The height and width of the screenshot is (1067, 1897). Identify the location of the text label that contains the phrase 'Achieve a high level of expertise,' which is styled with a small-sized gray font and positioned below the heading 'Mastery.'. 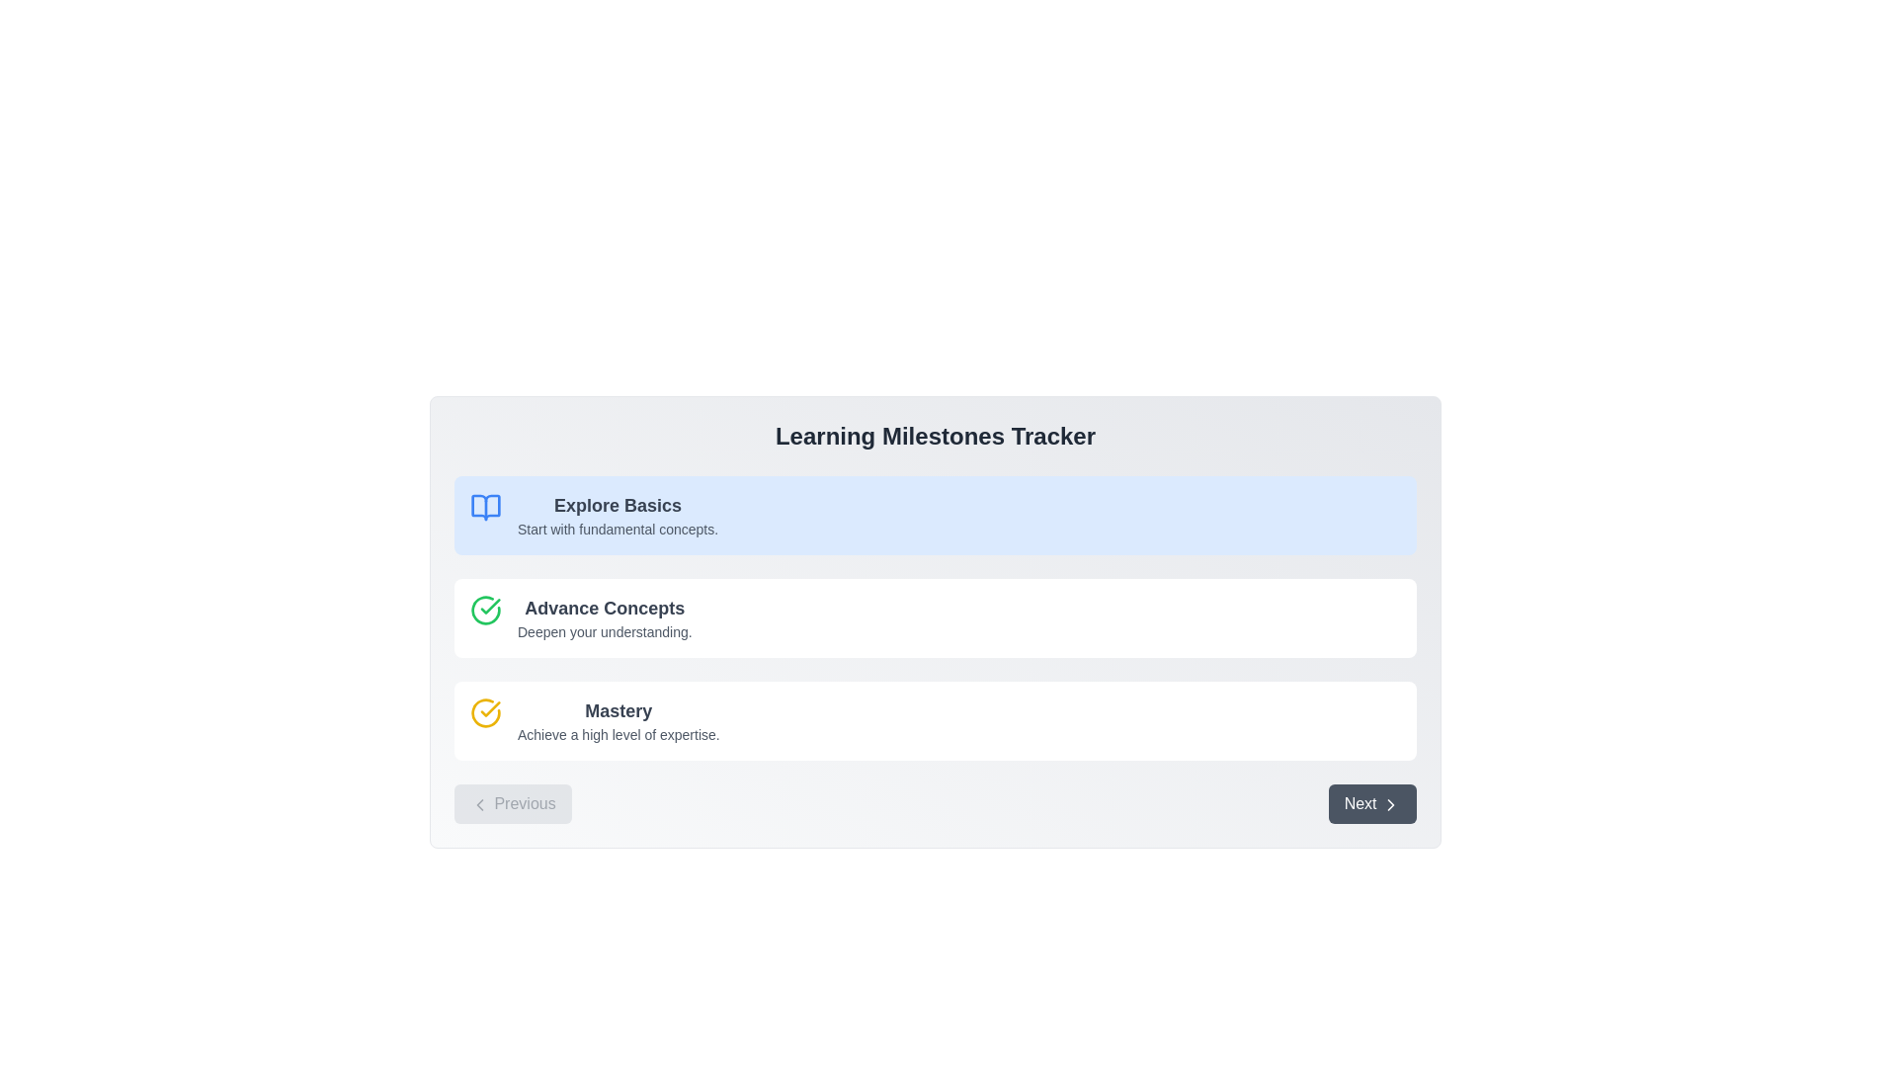
(618, 735).